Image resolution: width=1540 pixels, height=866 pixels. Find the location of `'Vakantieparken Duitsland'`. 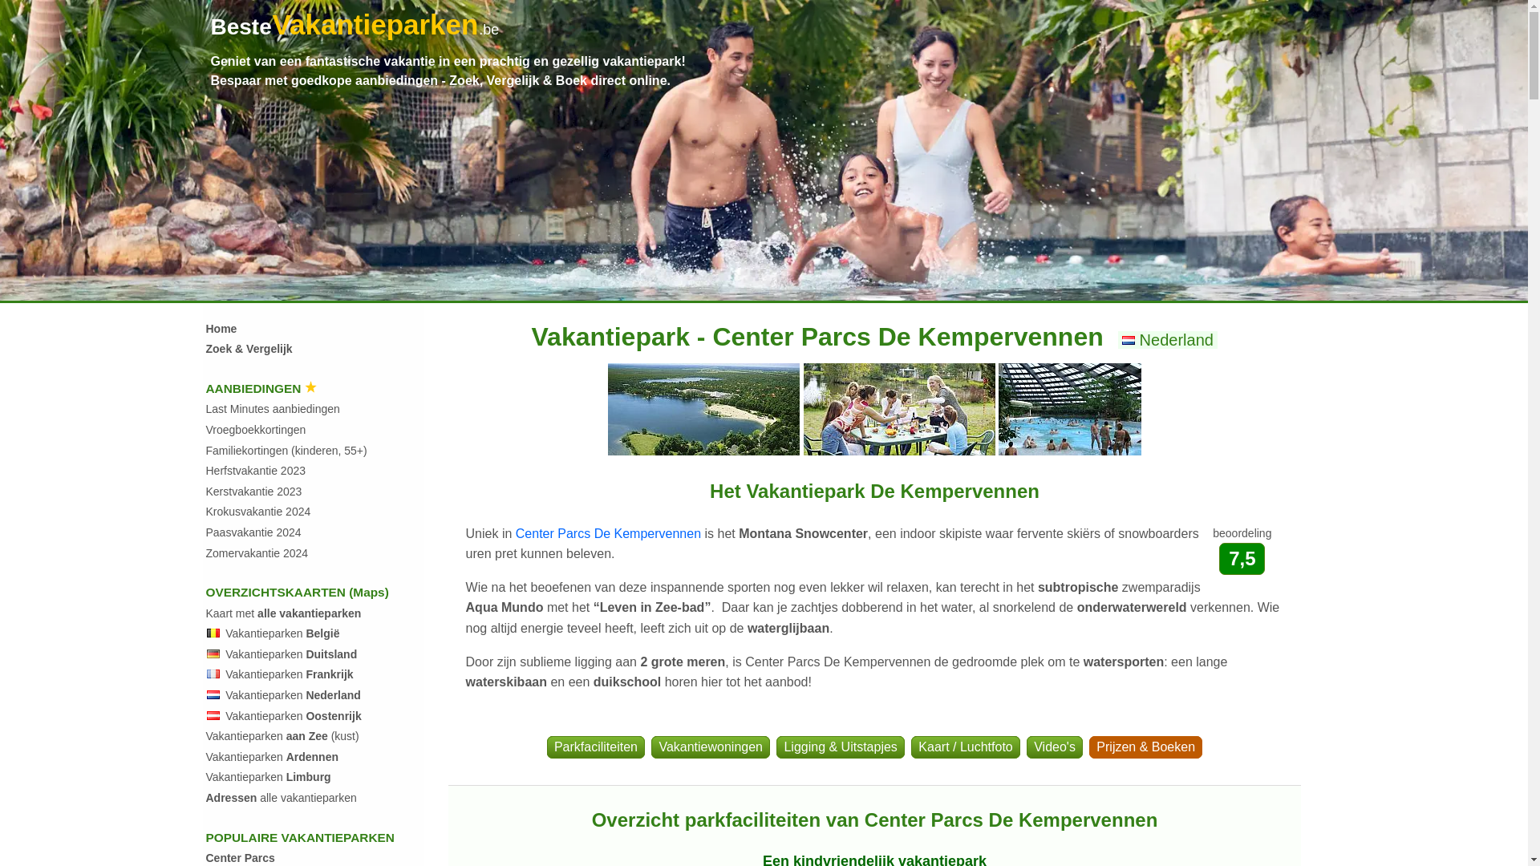

'Vakantieparken Duitsland' is located at coordinates (291, 654).